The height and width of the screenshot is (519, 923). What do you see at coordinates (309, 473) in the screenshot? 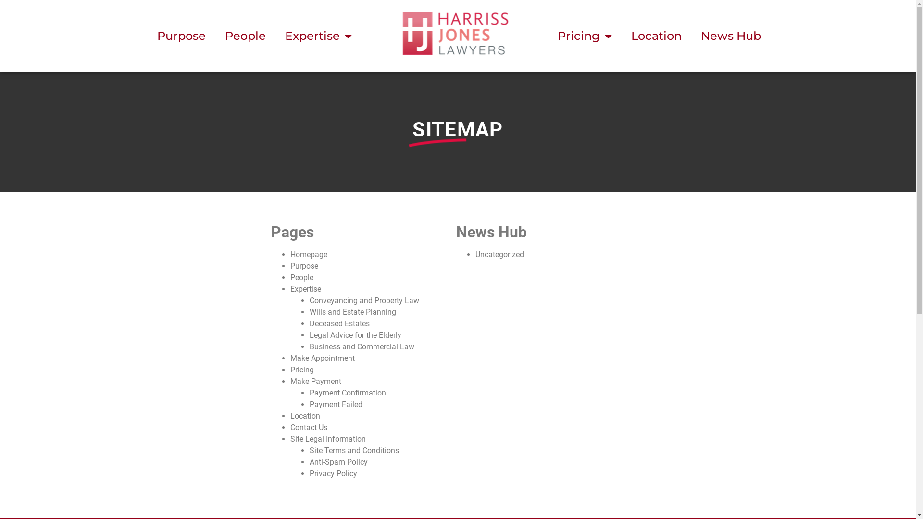
I see `'Privacy Policy'` at bounding box center [309, 473].